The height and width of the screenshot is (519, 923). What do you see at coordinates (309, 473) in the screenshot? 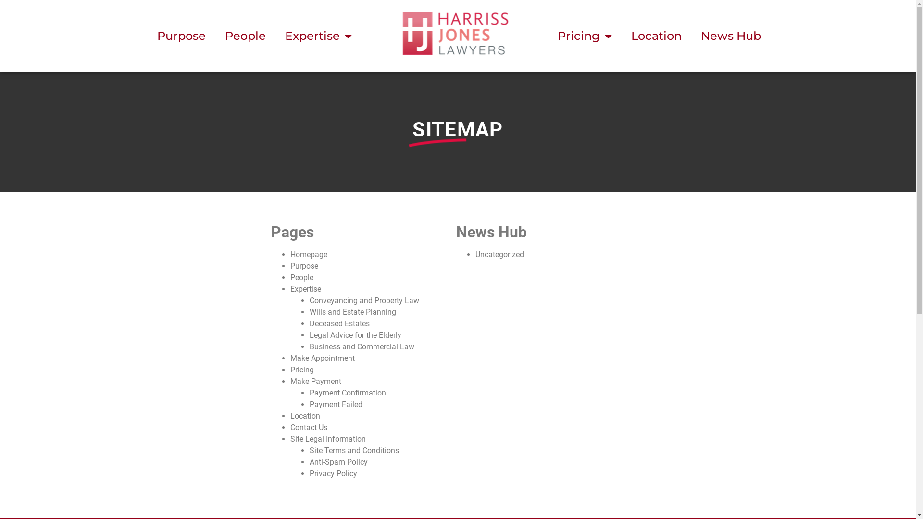
I see `'Privacy Policy'` at bounding box center [309, 473].